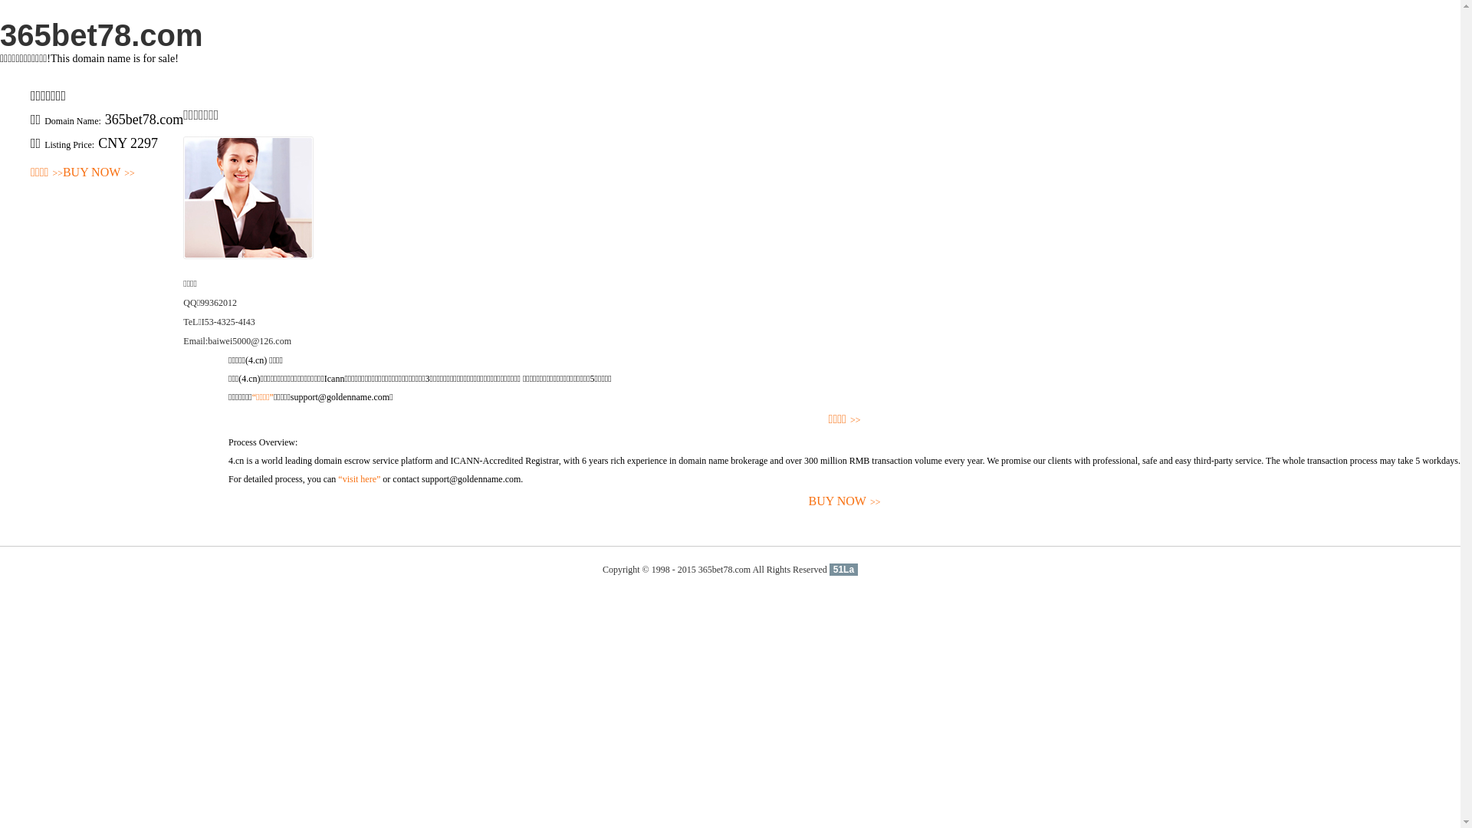  What do you see at coordinates (843, 501) in the screenshot?
I see `'BUY NOW>>'` at bounding box center [843, 501].